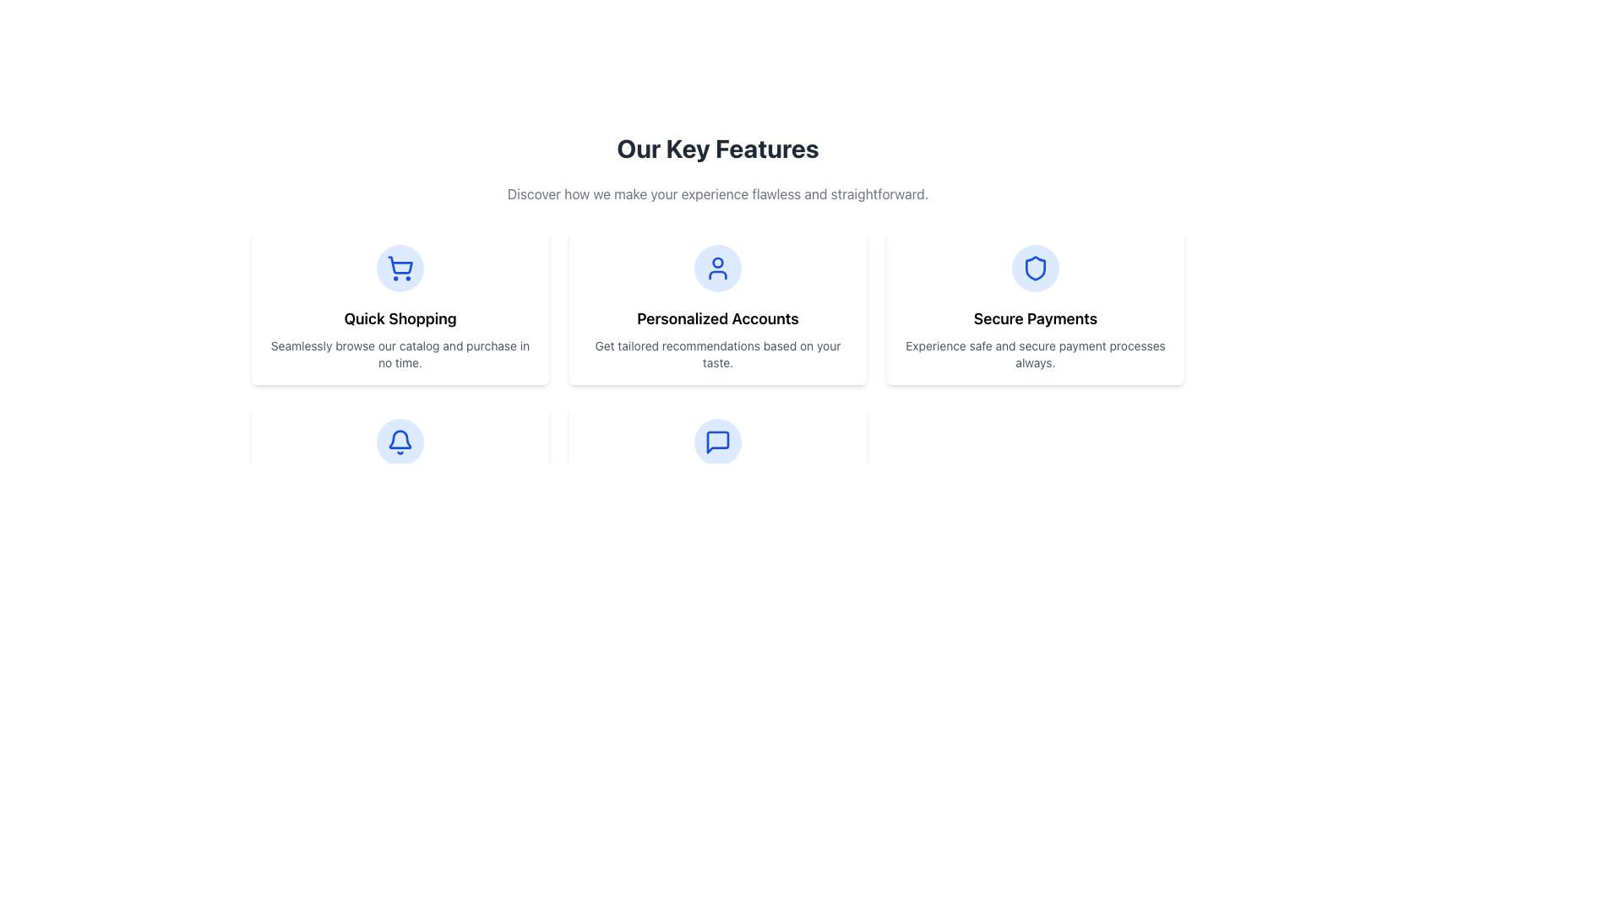 This screenshot has height=912, width=1622. What do you see at coordinates (717, 442) in the screenshot?
I see `the speech bubble icon located at the bottom center of the interface` at bounding box center [717, 442].